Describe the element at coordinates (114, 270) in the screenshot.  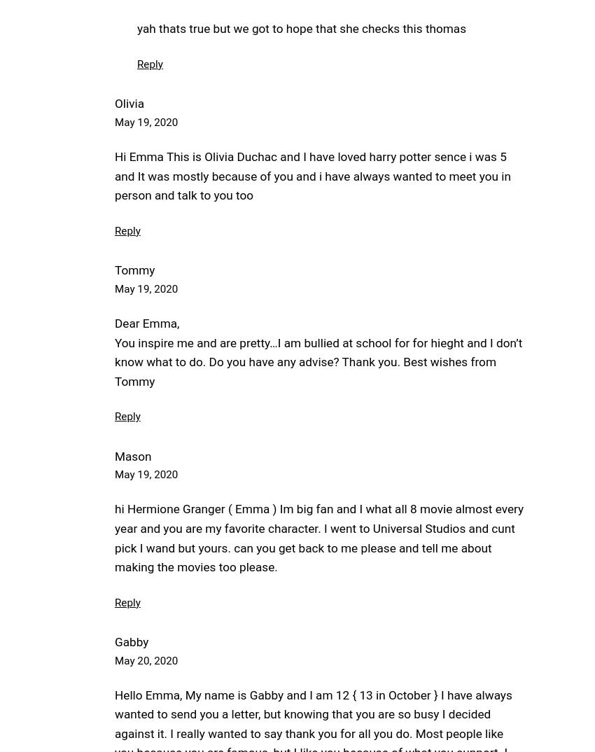
I see `'Tommy'` at that location.